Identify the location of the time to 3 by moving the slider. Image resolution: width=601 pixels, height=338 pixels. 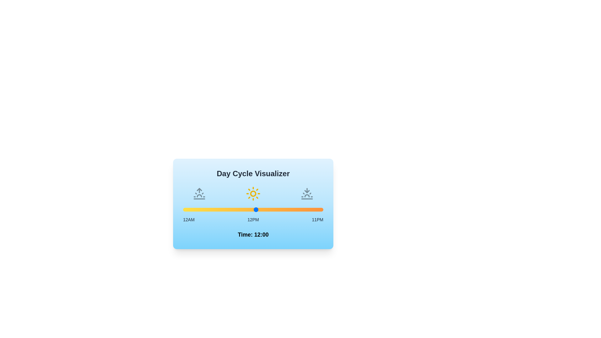
(201, 210).